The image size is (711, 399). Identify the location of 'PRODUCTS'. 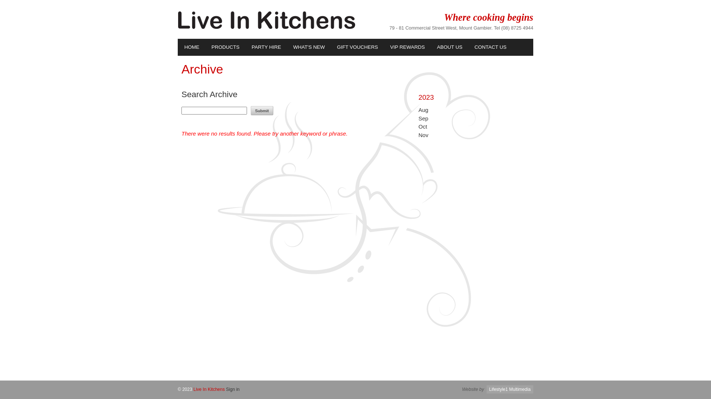
(204, 47).